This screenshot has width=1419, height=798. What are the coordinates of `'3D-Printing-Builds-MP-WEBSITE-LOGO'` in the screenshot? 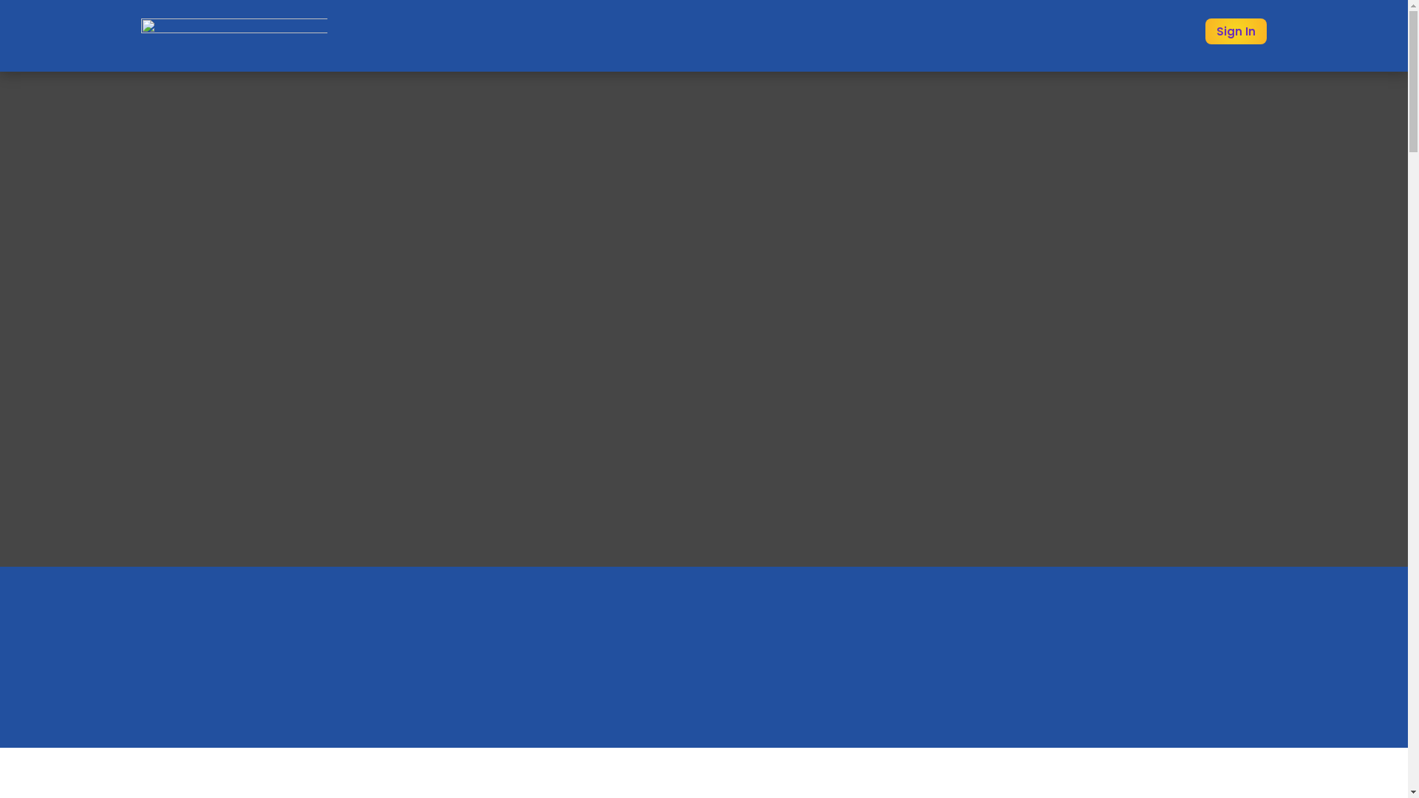 It's located at (233, 33).